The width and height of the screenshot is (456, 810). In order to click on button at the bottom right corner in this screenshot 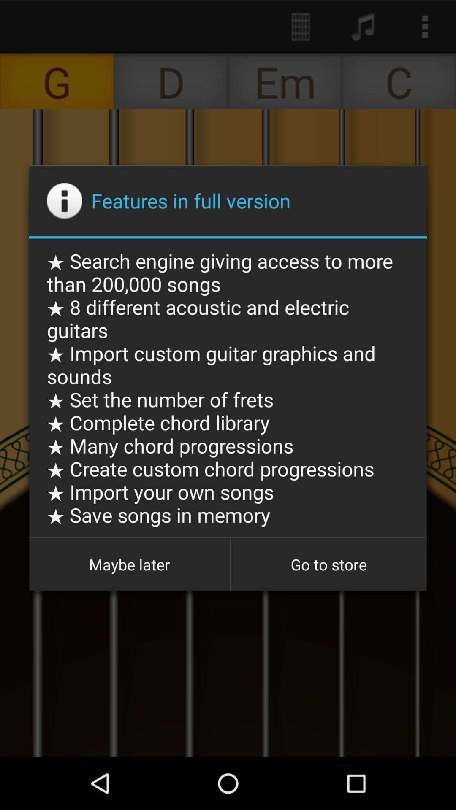, I will do `click(328, 564)`.